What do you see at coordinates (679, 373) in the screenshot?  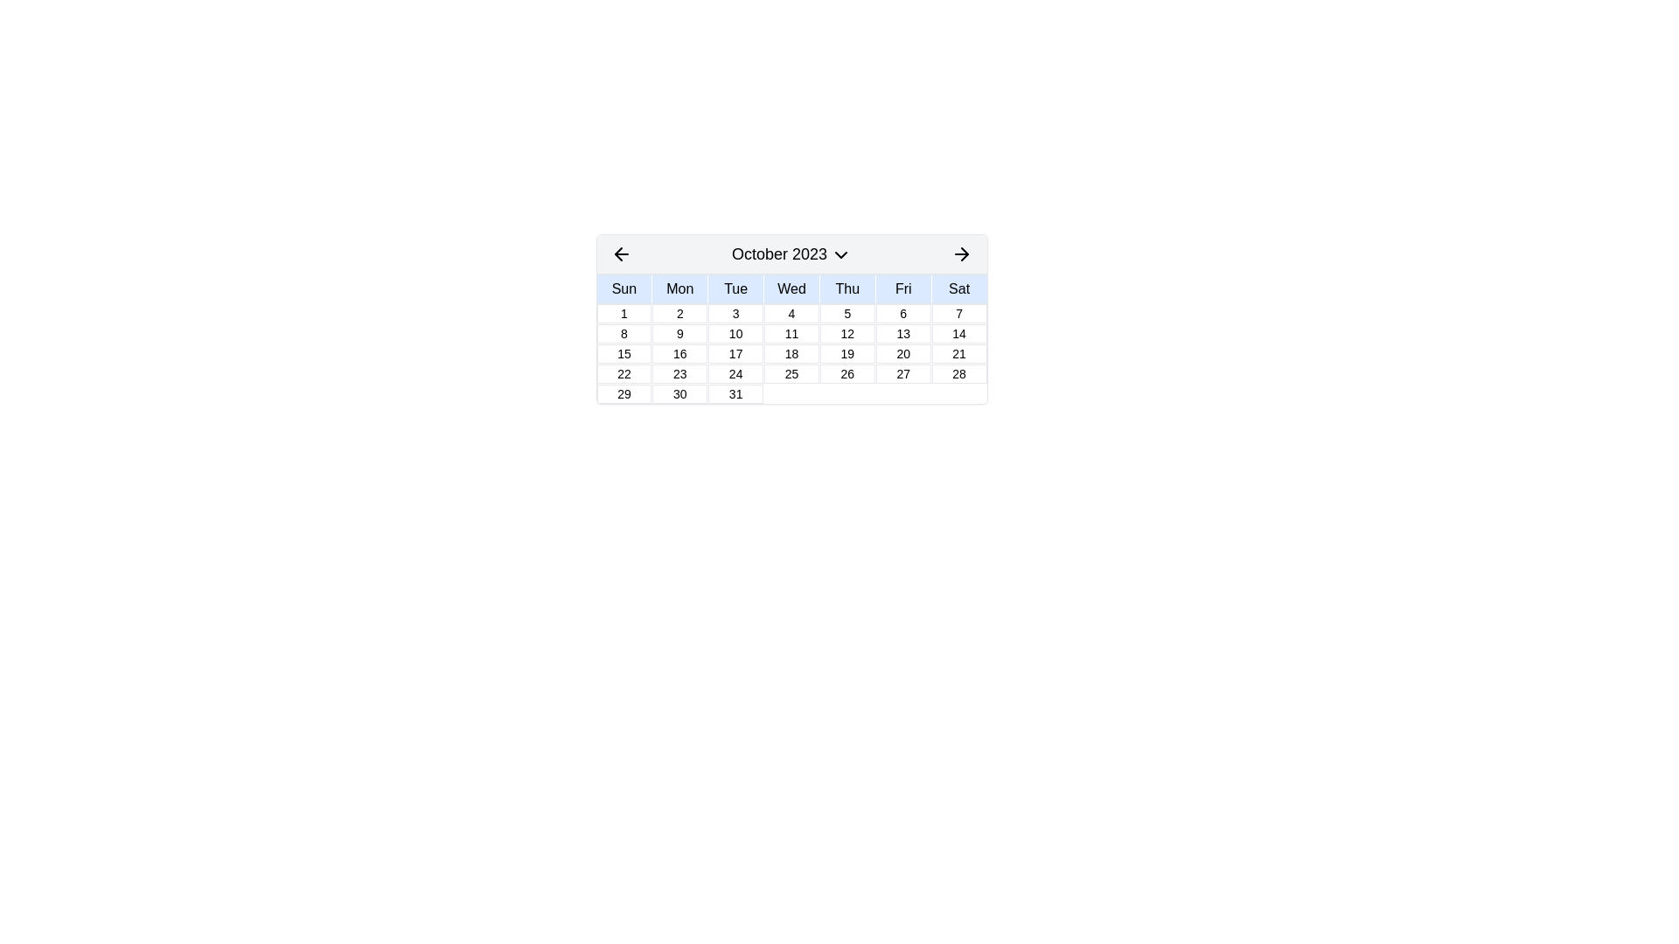 I see `the date box labeled '23' in the bottom row, fourth column of the calendar grid` at bounding box center [679, 373].